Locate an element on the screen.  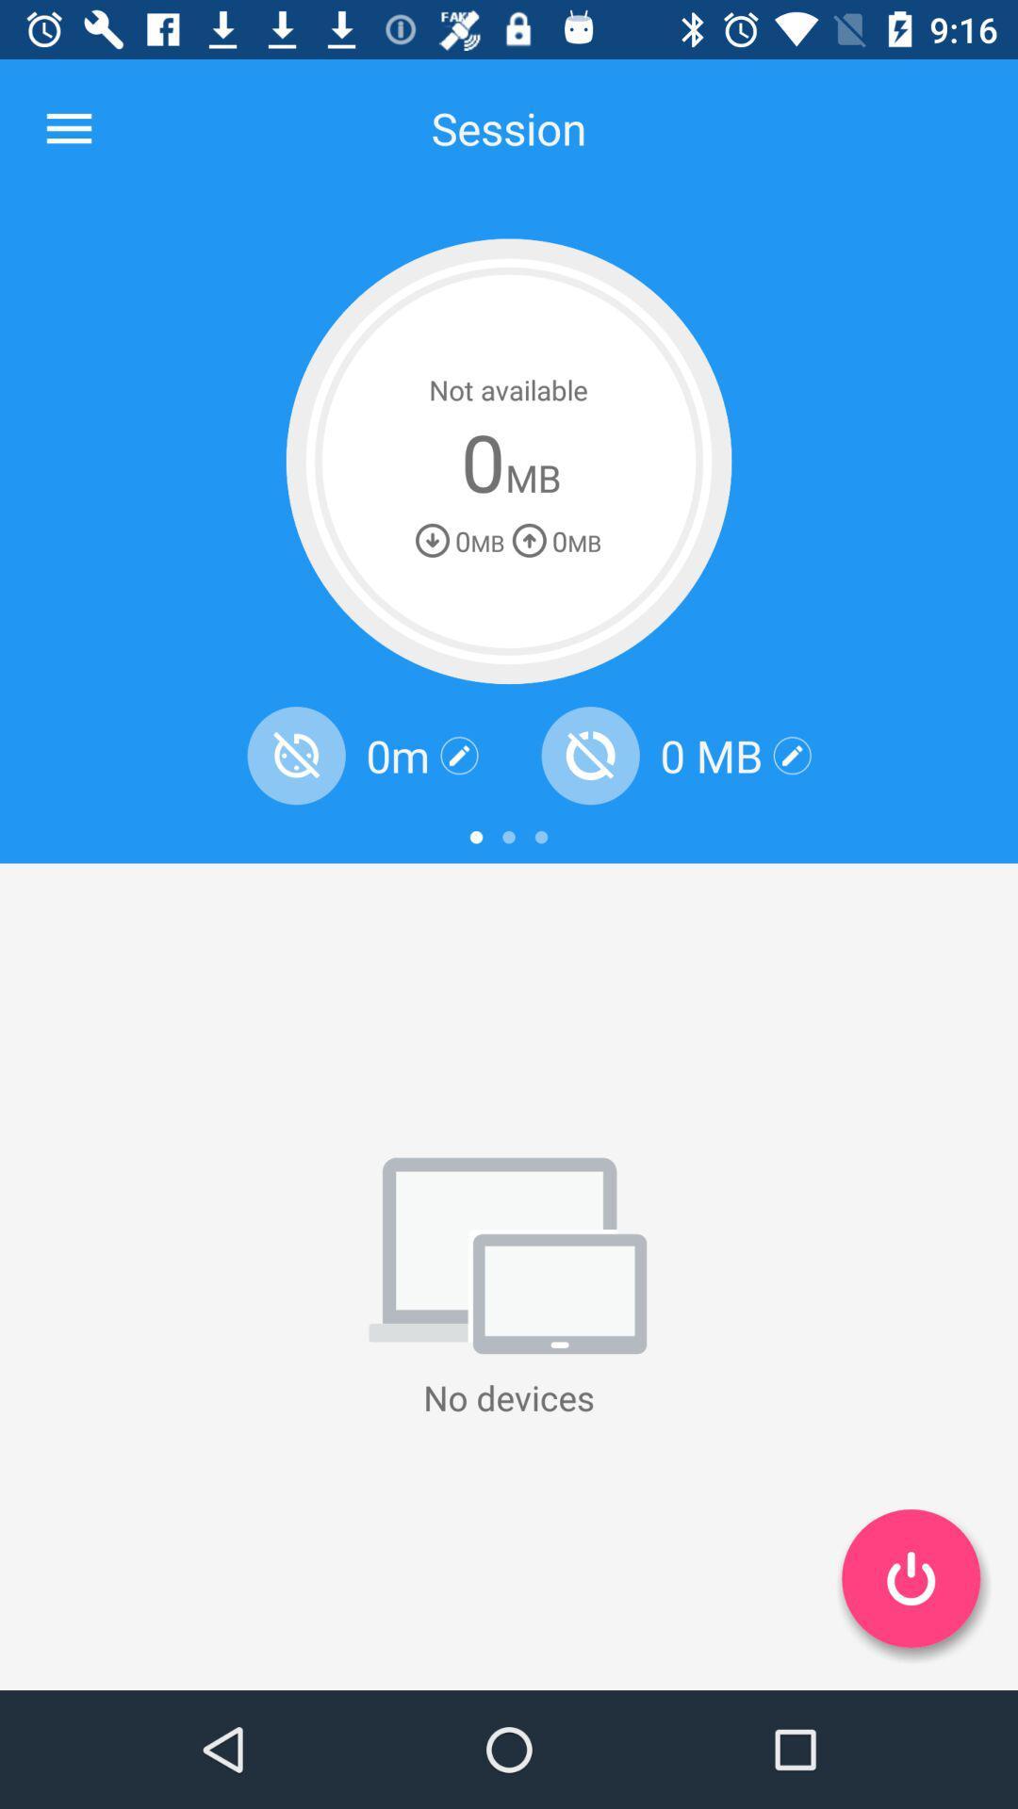
shut down option is located at coordinates (910, 1578).